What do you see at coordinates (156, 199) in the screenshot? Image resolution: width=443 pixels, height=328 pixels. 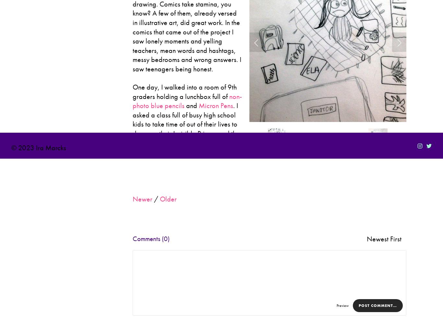 I see `'/'` at bounding box center [156, 199].